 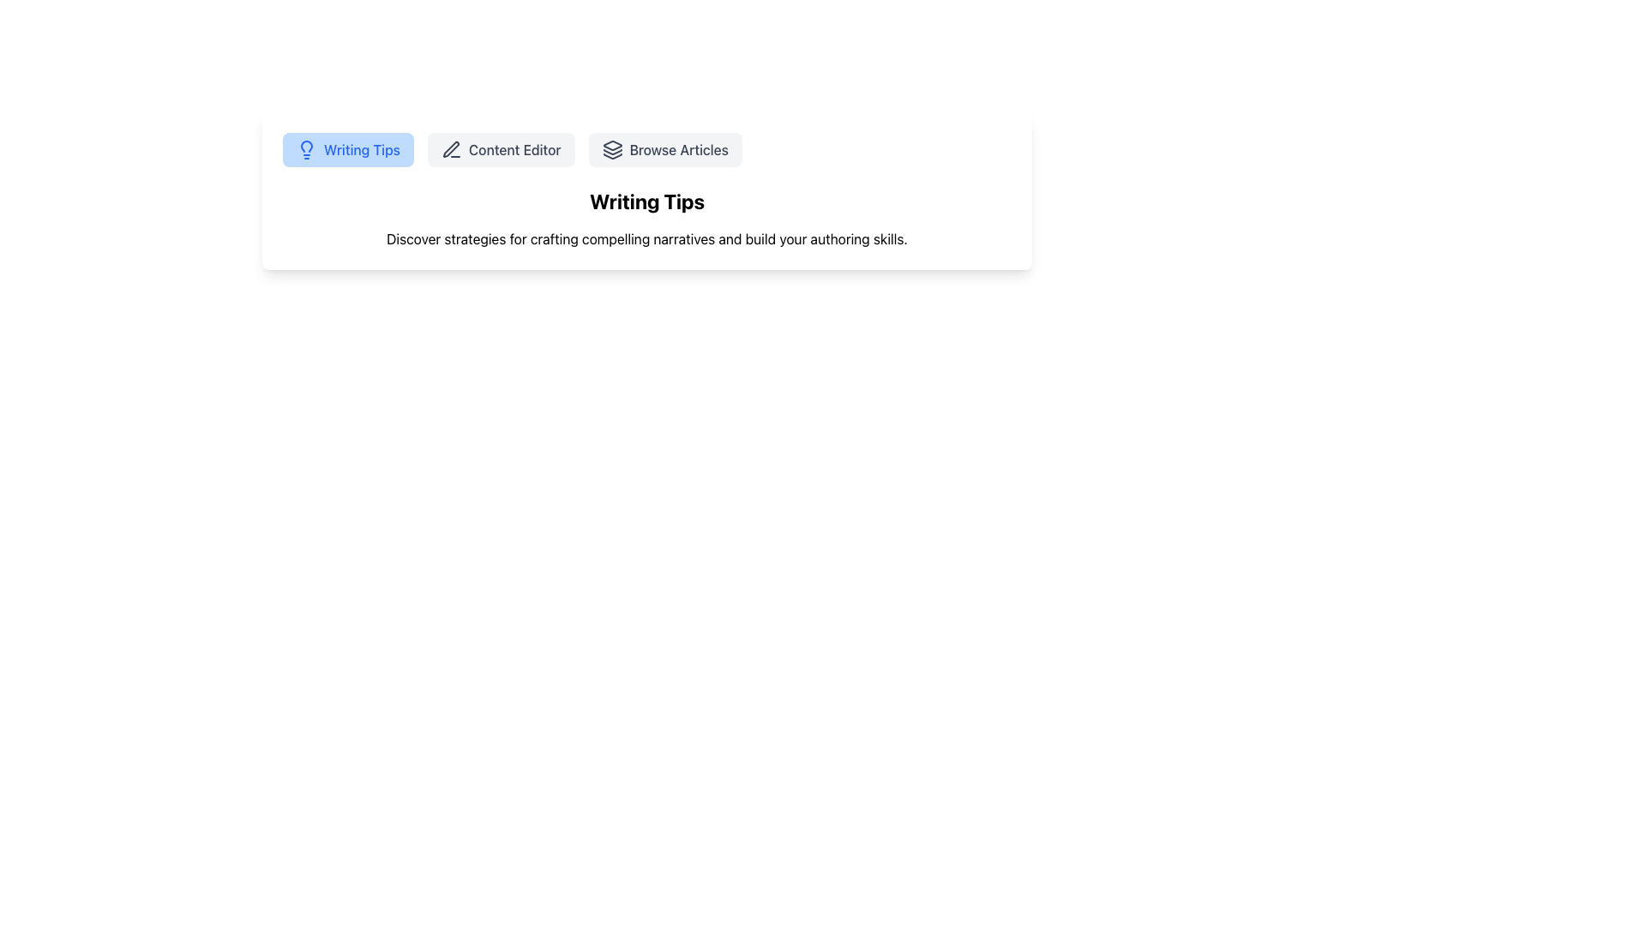 What do you see at coordinates (514, 148) in the screenshot?
I see `the descriptive text label for the button that indicates its functionality related to editing content, positioned between a pen icon and the 'Browse Articles' button` at bounding box center [514, 148].